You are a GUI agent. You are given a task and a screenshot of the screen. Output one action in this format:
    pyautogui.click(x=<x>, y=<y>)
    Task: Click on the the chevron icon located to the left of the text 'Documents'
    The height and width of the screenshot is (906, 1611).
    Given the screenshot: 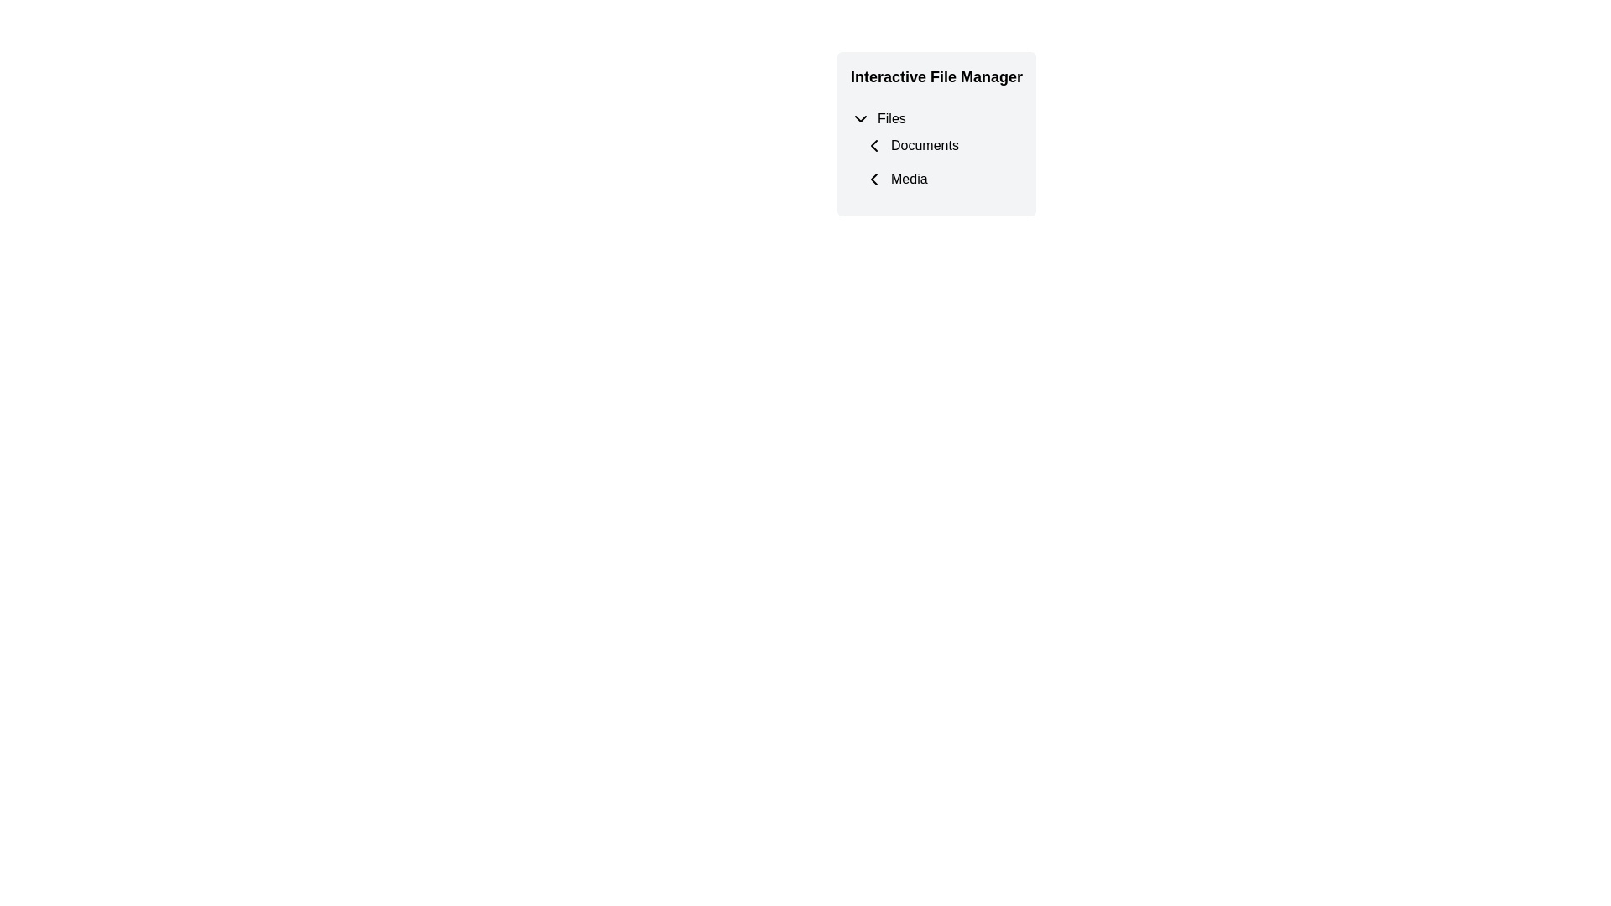 What is the action you would take?
    pyautogui.click(x=873, y=144)
    